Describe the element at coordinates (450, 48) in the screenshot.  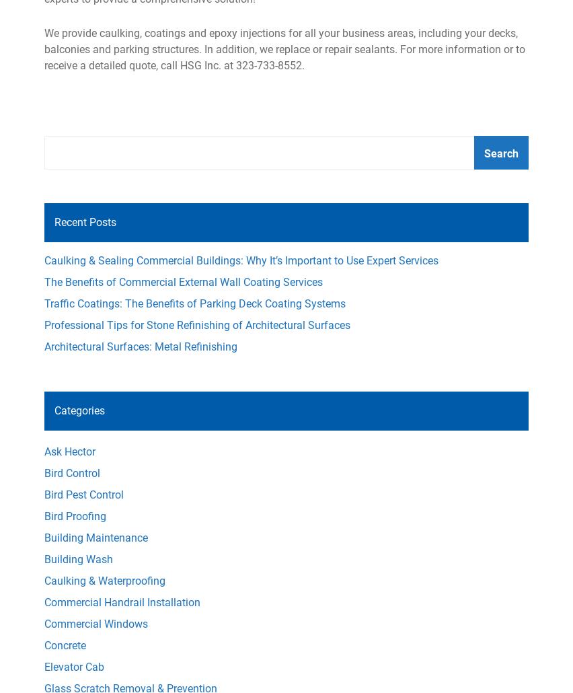
I see `'For more information'` at that location.